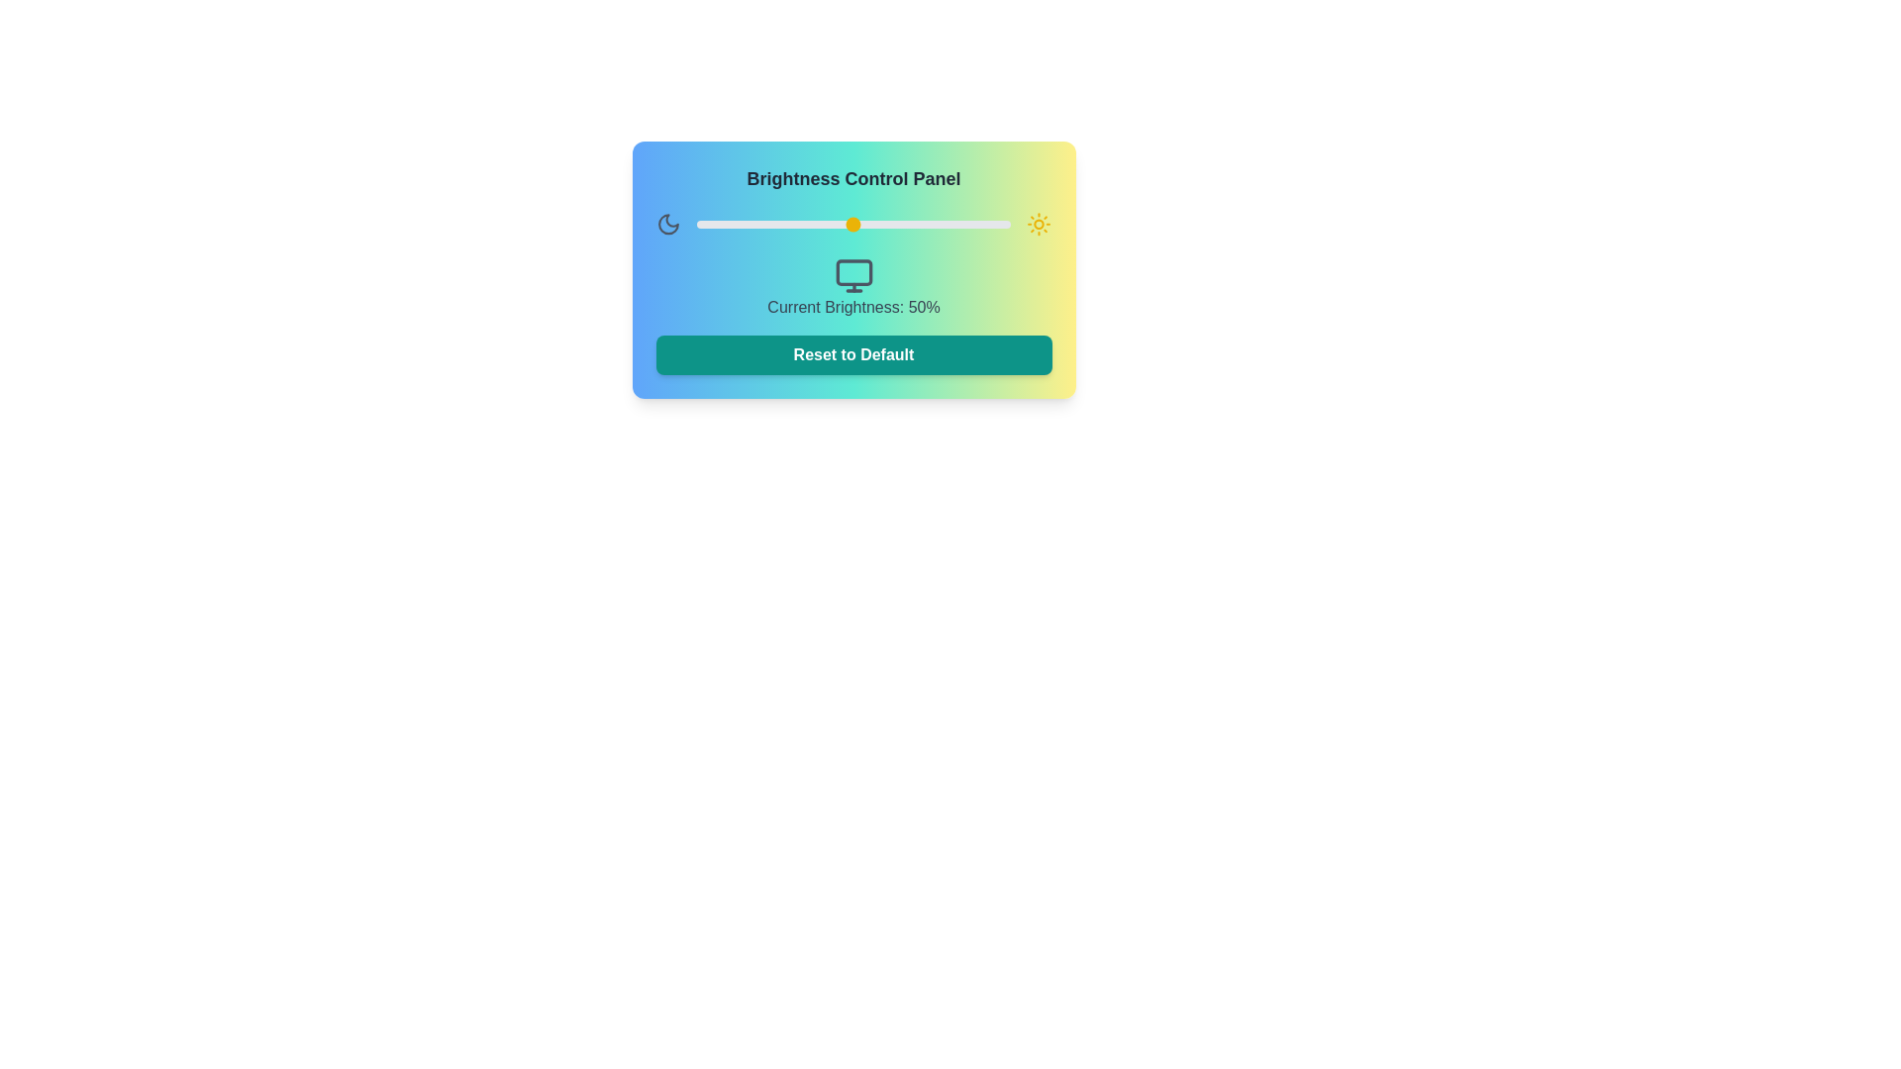 The image size is (1901, 1069). Describe the element at coordinates (1038, 224) in the screenshot. I see `the small circular element representing the sun's core in the sun icon, located on the right side of the brightness control panel` at that location.